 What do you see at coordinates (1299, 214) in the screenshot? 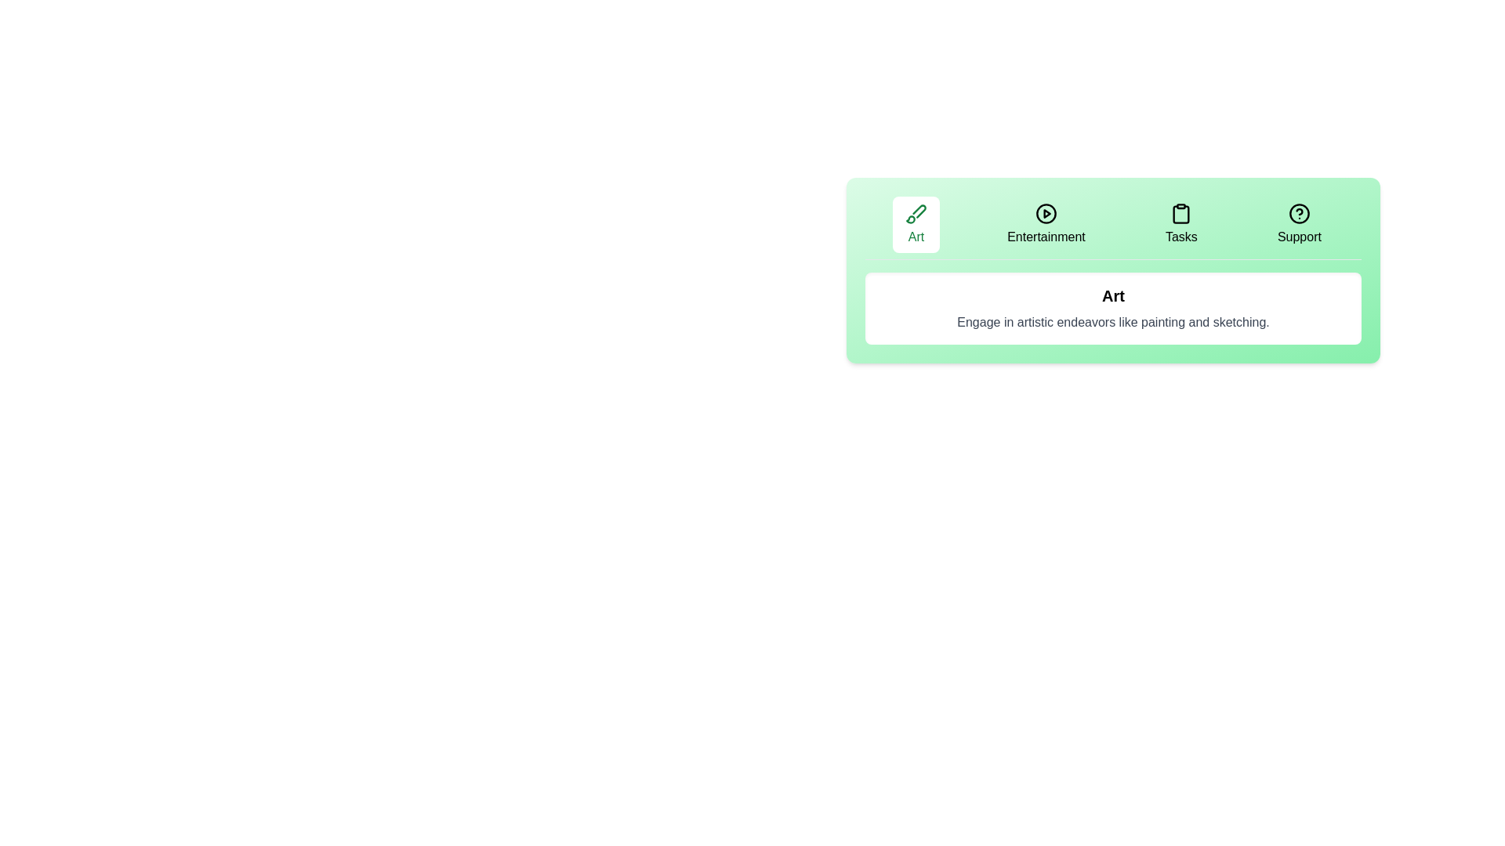
I see `the circular SVG element representing a help feature, which is part of an icon located above the 'Support' label` at bounding box center [1299, 214].